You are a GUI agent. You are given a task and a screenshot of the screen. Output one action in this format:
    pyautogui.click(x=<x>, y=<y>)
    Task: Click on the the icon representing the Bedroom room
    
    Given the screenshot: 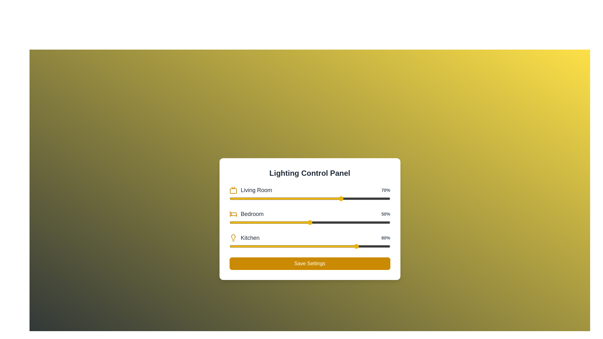 What is the action you would take?
    pyautogui.click(x=233, y=214)
    